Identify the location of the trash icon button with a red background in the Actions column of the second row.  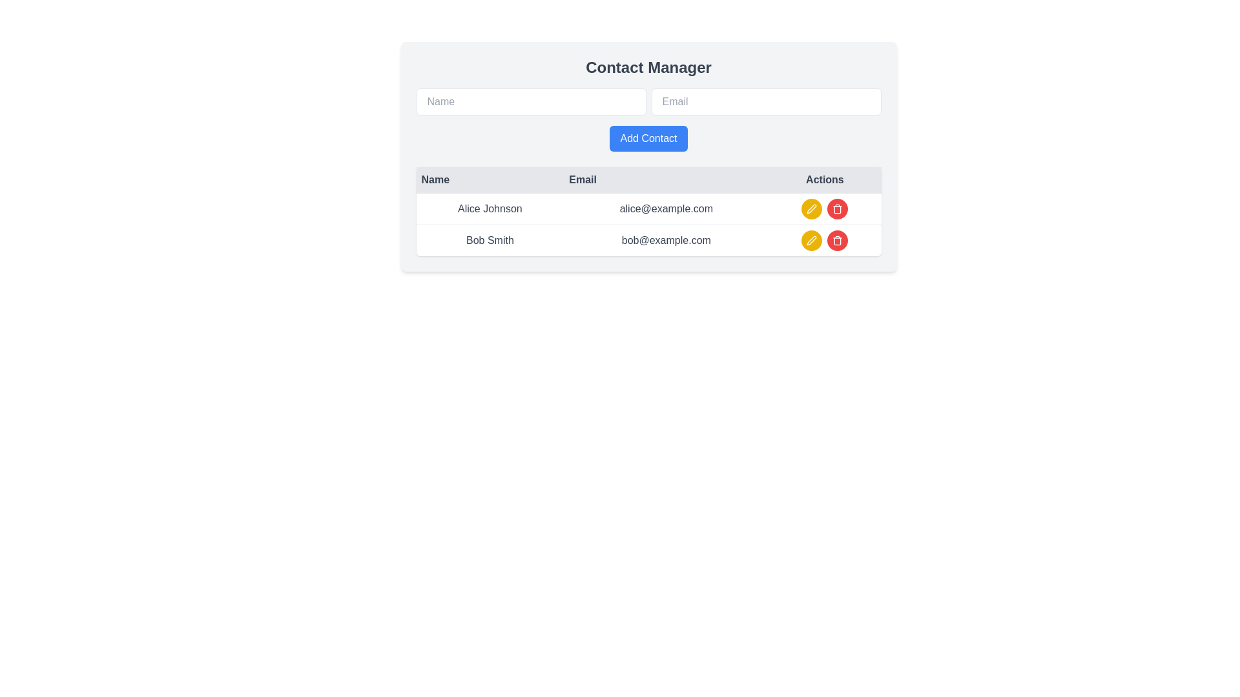
(838, 241).